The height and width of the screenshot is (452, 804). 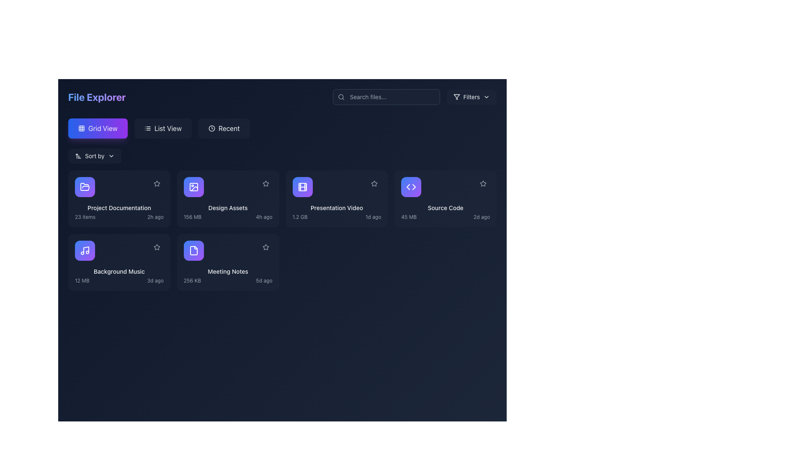 What do you see at coordinates (193, 187) in the screenshot?
I see `the icon representing 'Design Assets' in the file explorer` at bounding box center [193, 187].